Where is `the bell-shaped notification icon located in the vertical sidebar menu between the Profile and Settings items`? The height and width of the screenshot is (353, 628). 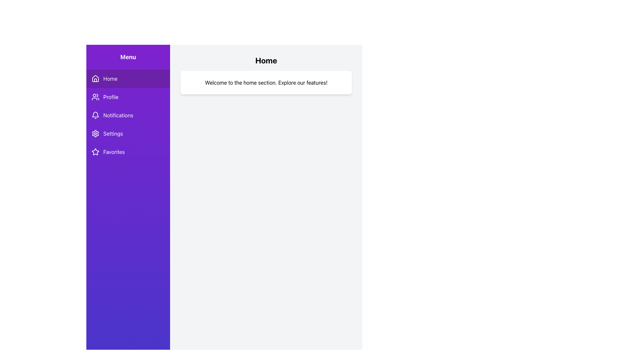
the bell-shaped notification icon located in the vertical sidebar menu between the Profile and Settings items is located at coordinates (95, 115).